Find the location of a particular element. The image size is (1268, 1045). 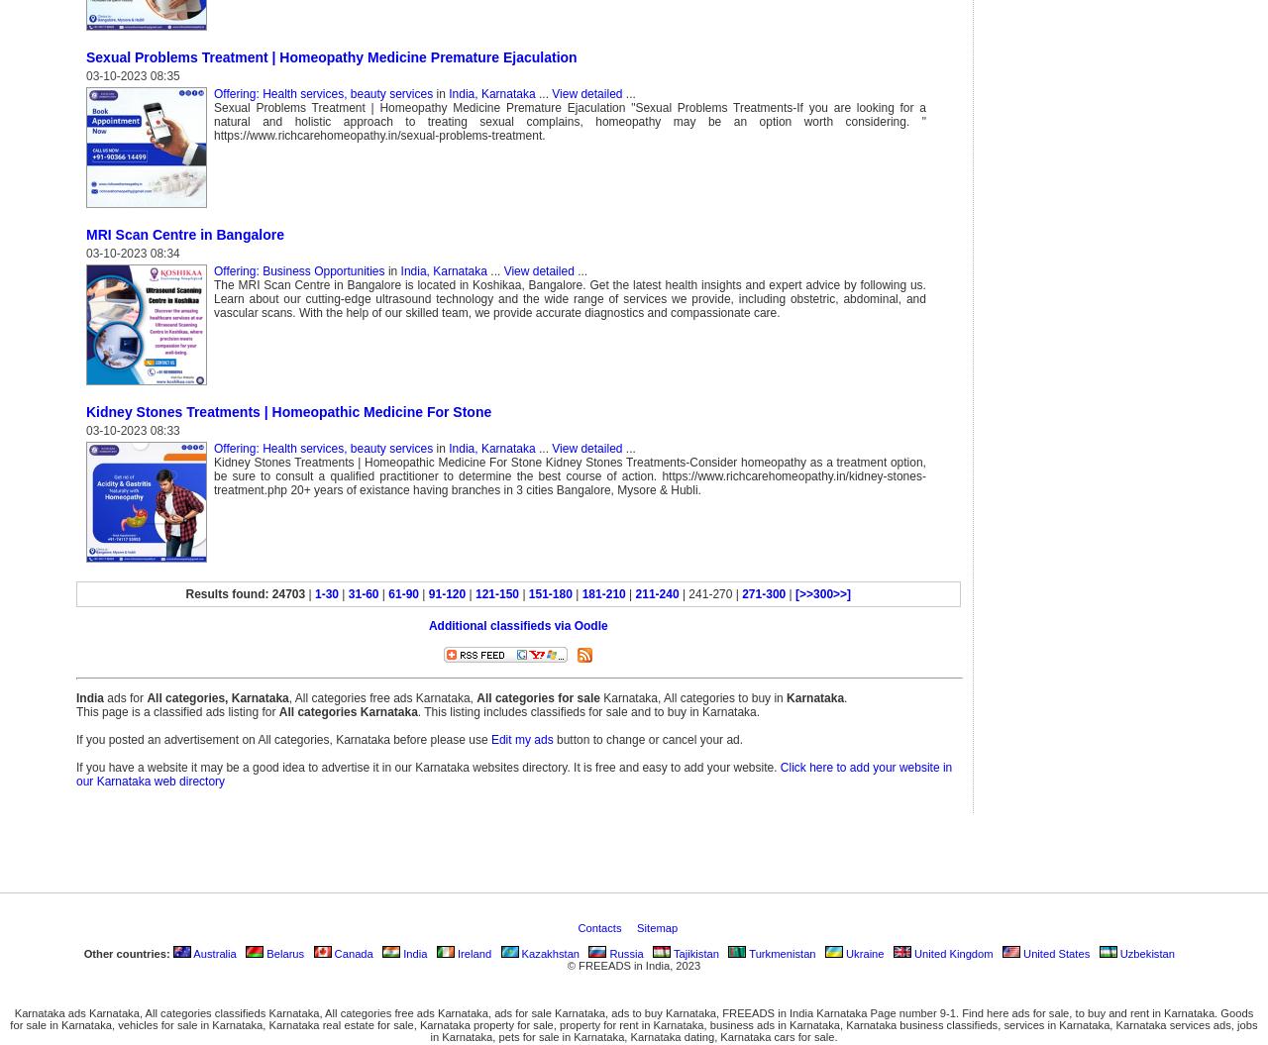

'Edit my ads' is located at coordinates (521, 738).